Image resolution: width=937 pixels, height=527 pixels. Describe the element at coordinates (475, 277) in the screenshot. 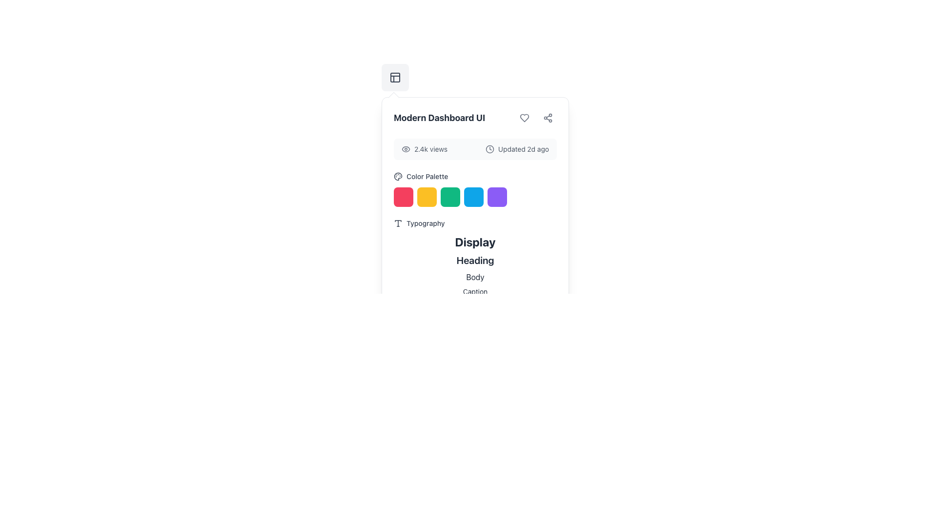

I see `the text label that displays 'Body', which is styled in dark gray and changes to blue when hovered. It is the third item in a vertical list between 'Heading' and 'Caption'` at that location.